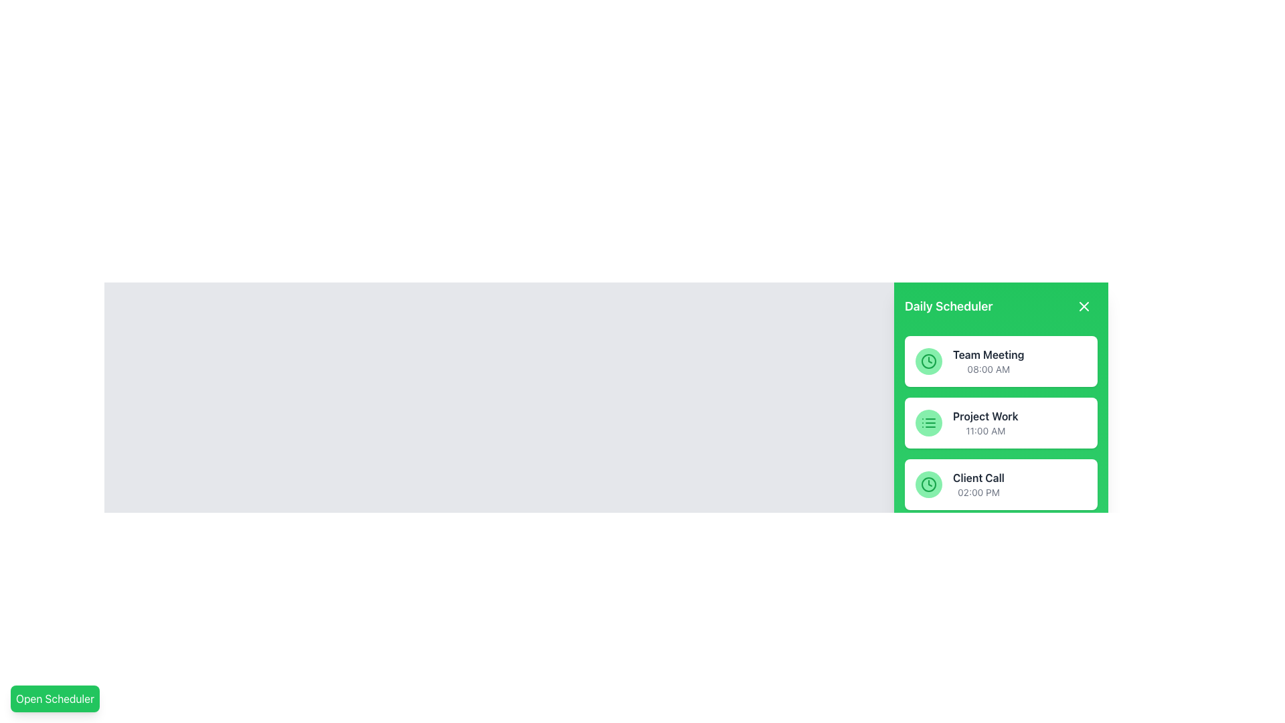 This screenshot has height=723, width=1285. Describe the element at coordinates (1084, 307) in the screenshot. I see `the close button located in the top-right corner of the 'Daily Scheduler' green card` at that location.